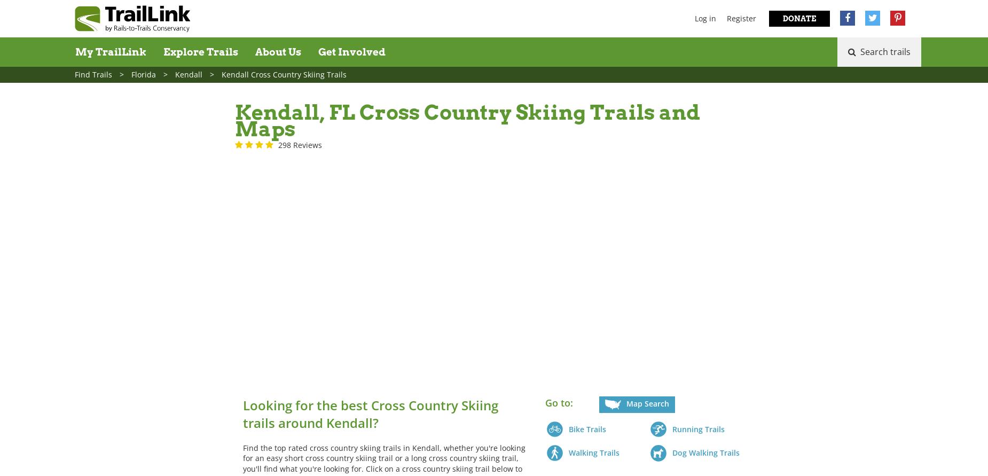 The height and width of the screenshot is (476, 988). What do you see at coordinates (188, 74) in the screenshot?
I see `'Kendall'` at bounding box center [188, 74].